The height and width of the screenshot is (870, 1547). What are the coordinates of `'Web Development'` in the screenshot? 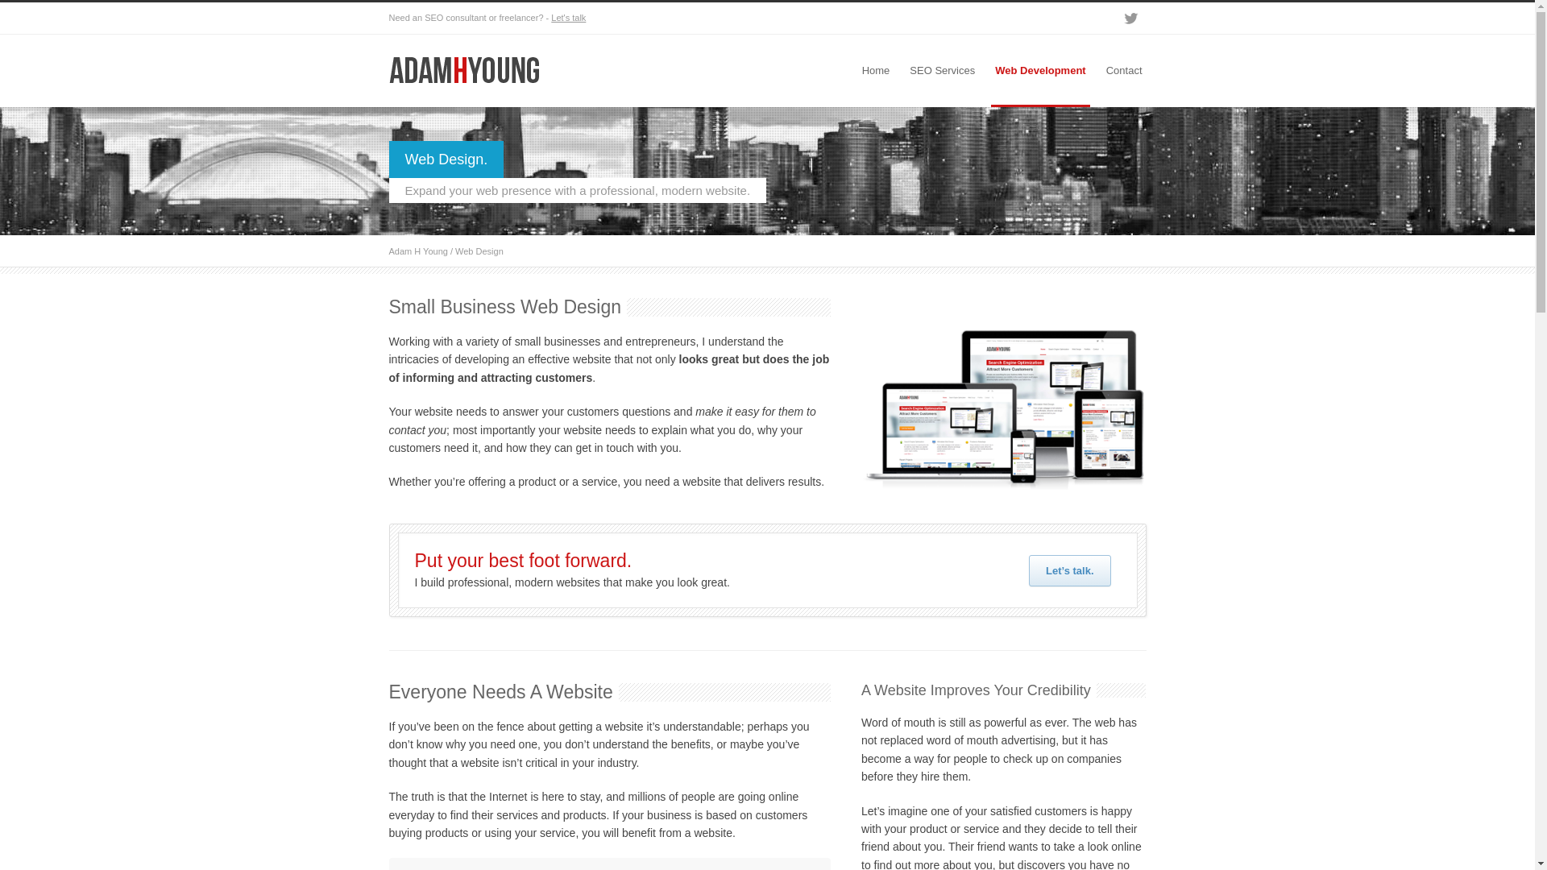 It's located at (1040, 70).